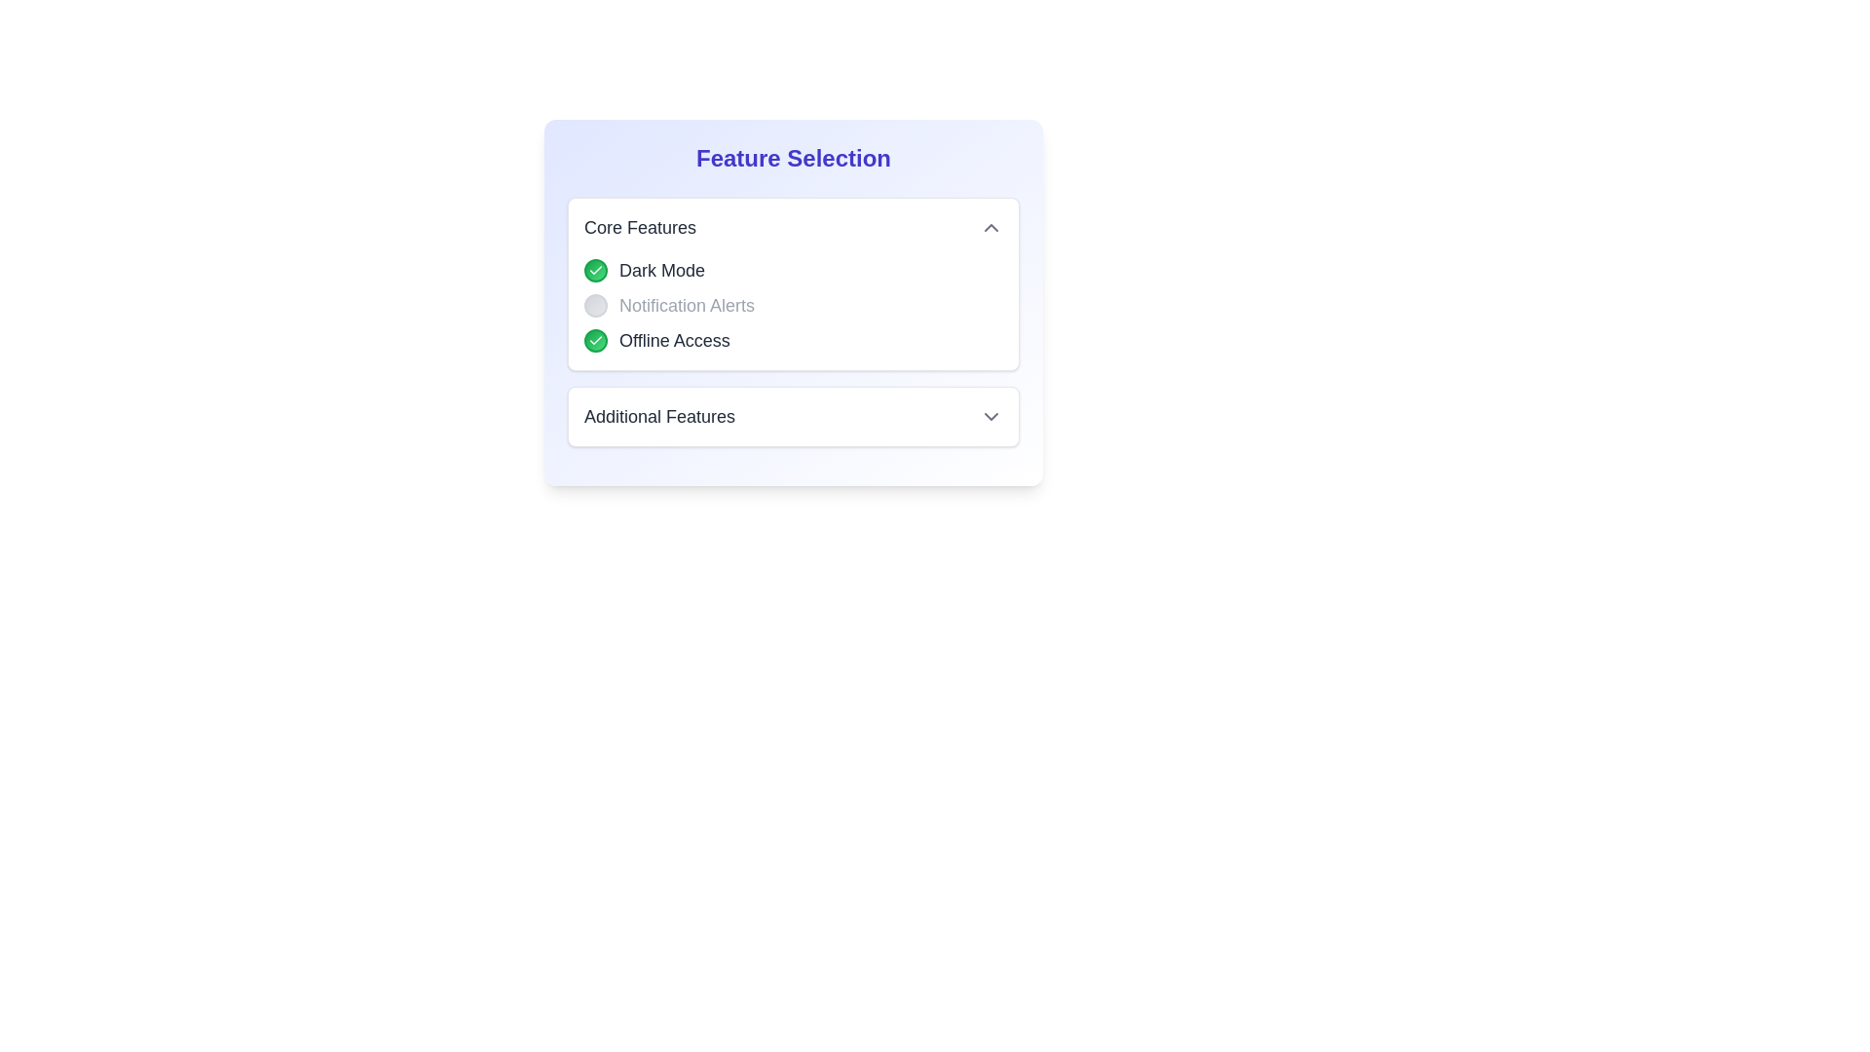  Describe the element at coordinates (594, 340) in the screenshot. I see `the check mark icon next to 'Offline Access'` at that location.